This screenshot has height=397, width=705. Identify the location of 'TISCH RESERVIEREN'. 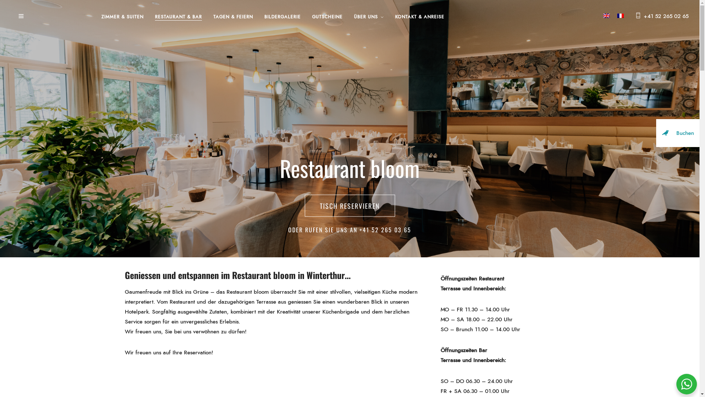
(350, 205).